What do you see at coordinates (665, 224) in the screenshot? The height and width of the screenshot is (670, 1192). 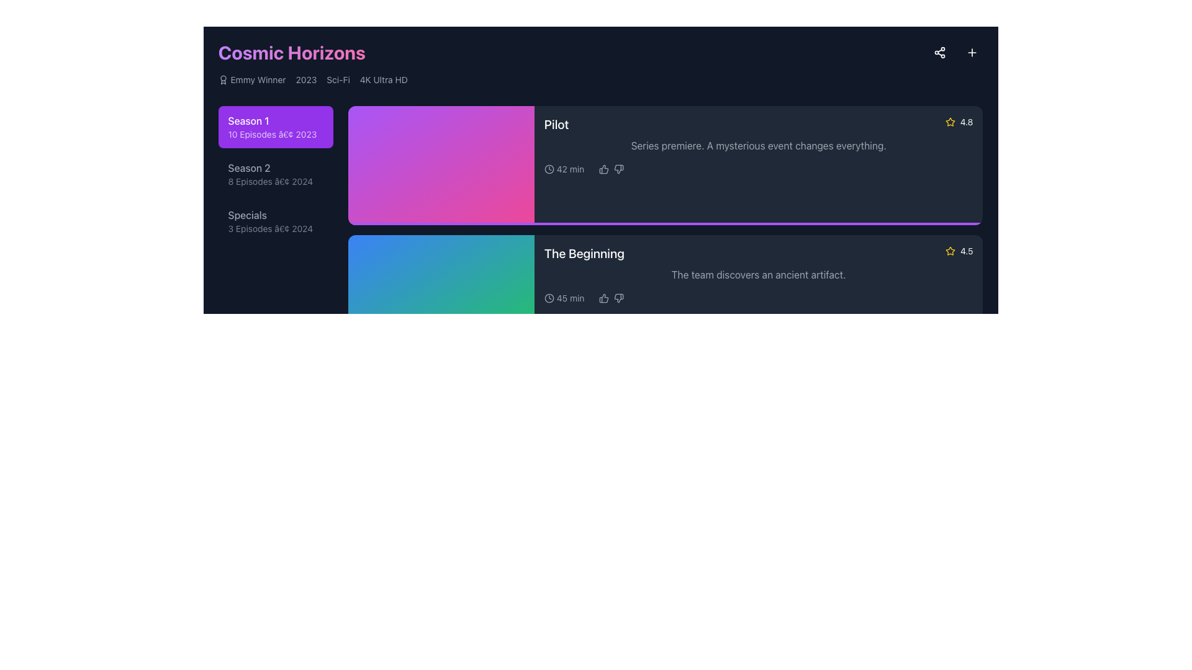 I see `the progress bar located at the bottom of the 'Pilot' card, which displays the completion status or progression` at bounding box center [665, 224].